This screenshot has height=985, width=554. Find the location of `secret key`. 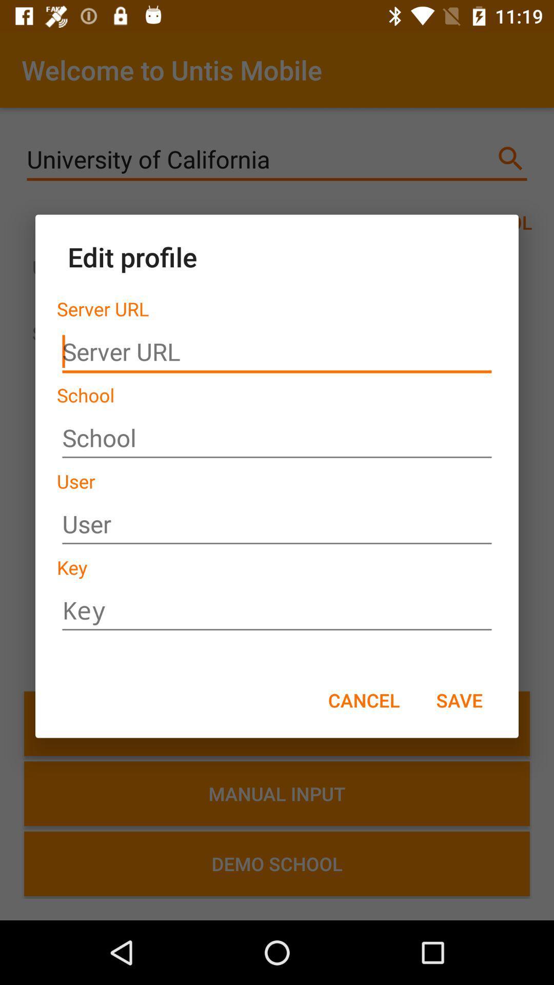

secret key is located at coordinates (277, 610).